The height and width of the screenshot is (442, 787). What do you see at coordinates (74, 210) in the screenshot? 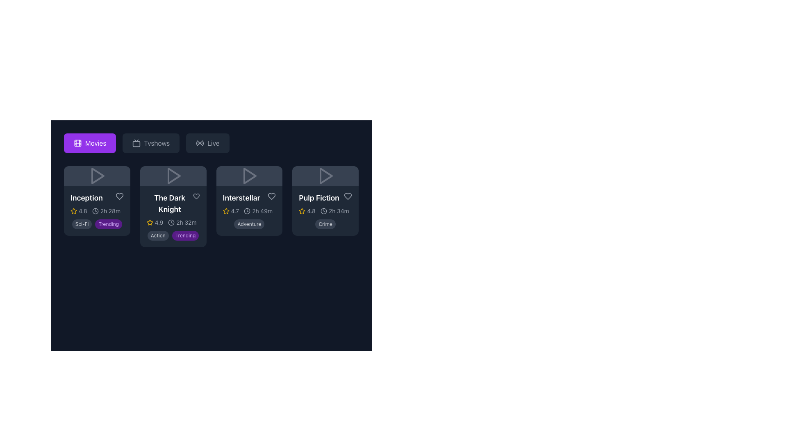
I see `the rating star icon located below the title 'The Dark Knight' in the movie card, which visually represents the rating score for the film` at bounding box center [74, 210].